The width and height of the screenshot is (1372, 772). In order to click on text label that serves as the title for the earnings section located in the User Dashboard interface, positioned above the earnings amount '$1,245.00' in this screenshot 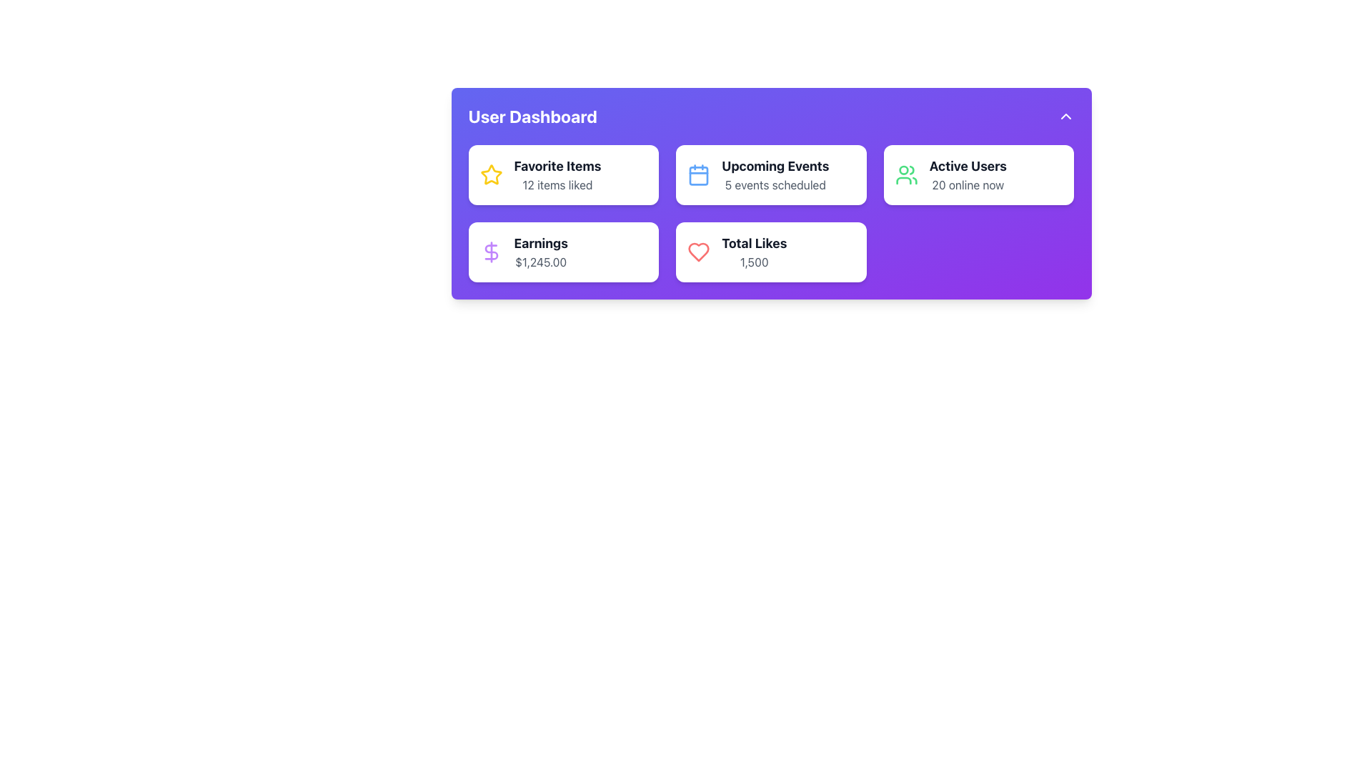, I will do `click(540, 242)`.